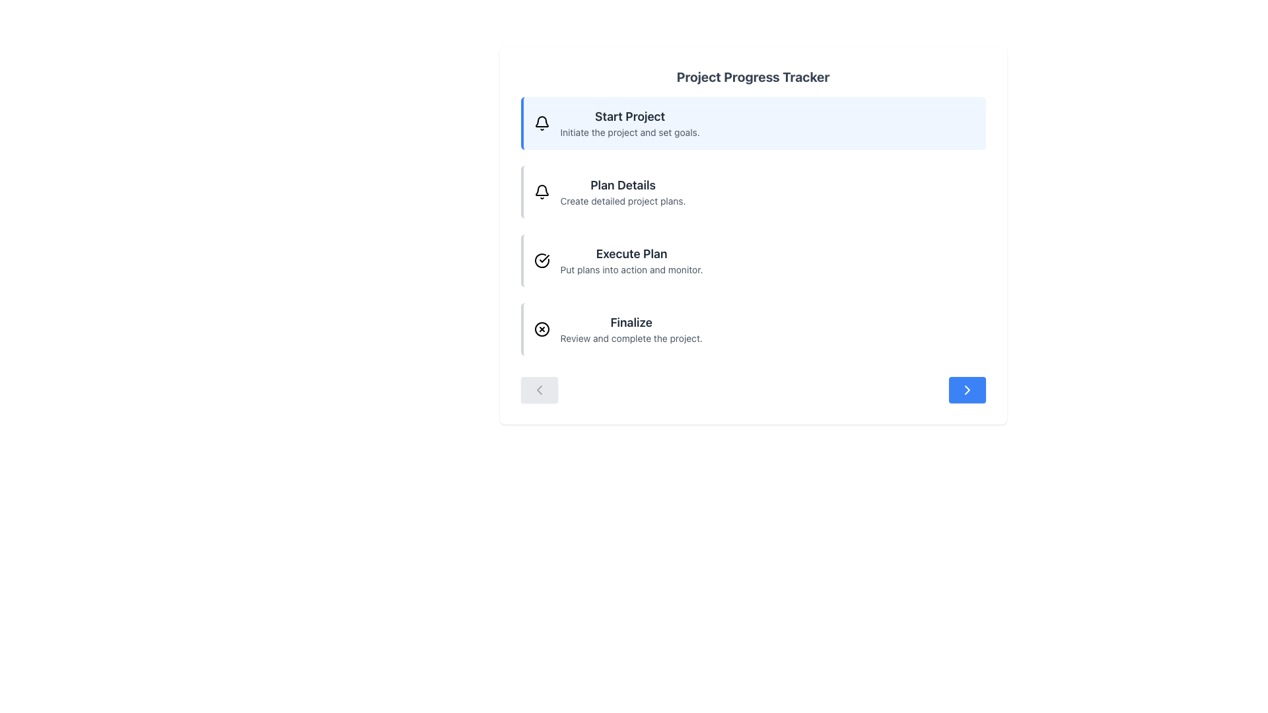 This screenshot has width=1268, height=713. What do you see at coordinates (622, 201) in the screenshot?
I see `the descriptive text label reading 'Create detailed project plans.', which is styled with a smaller font size and light gray color, located directly below the 'Plan Details' heading in the UI` at bounding box center [622, 201].